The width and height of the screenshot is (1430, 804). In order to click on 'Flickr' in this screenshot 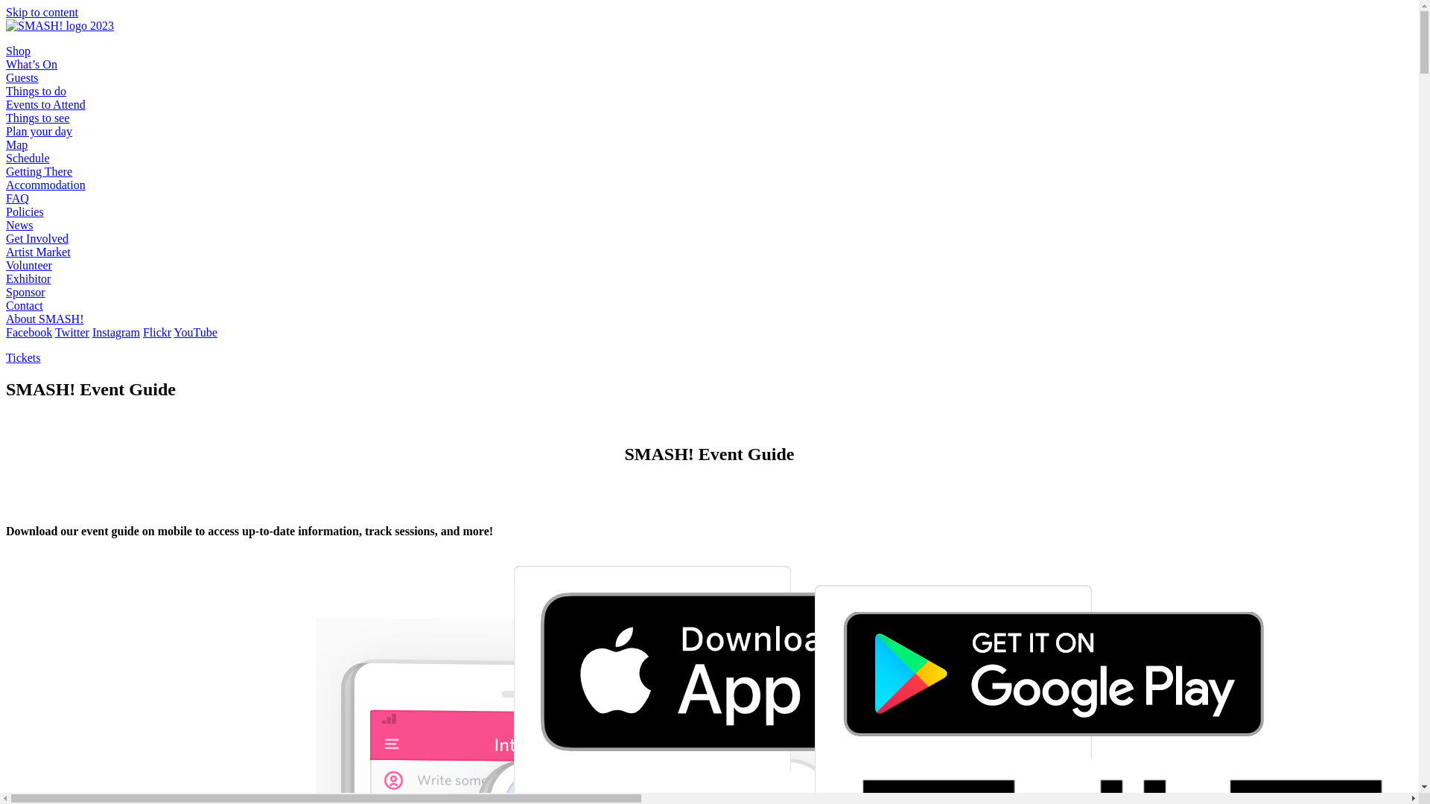, I will do `click(157, 331)`.